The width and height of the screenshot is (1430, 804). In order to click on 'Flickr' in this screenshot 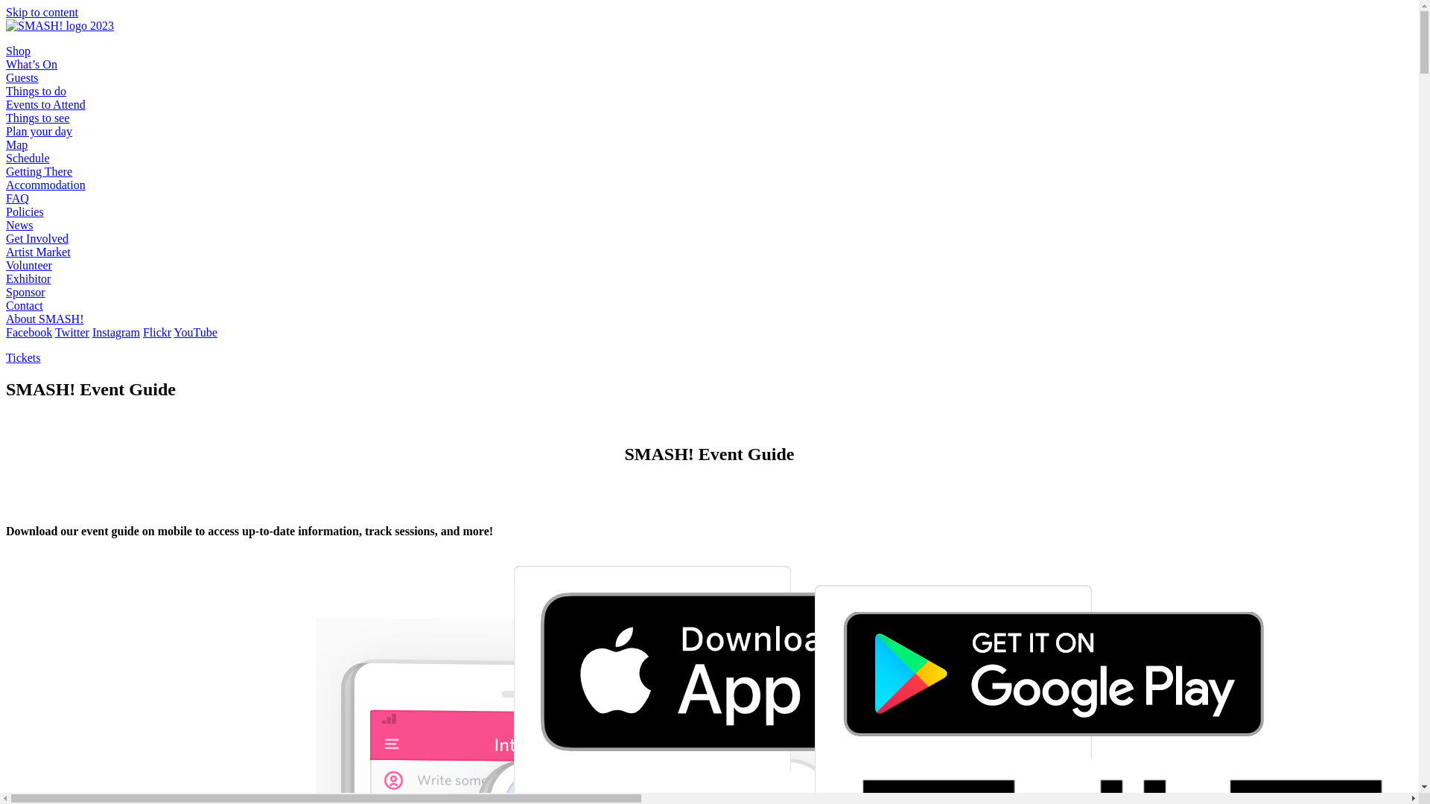, I will do `click(157, 331)`.